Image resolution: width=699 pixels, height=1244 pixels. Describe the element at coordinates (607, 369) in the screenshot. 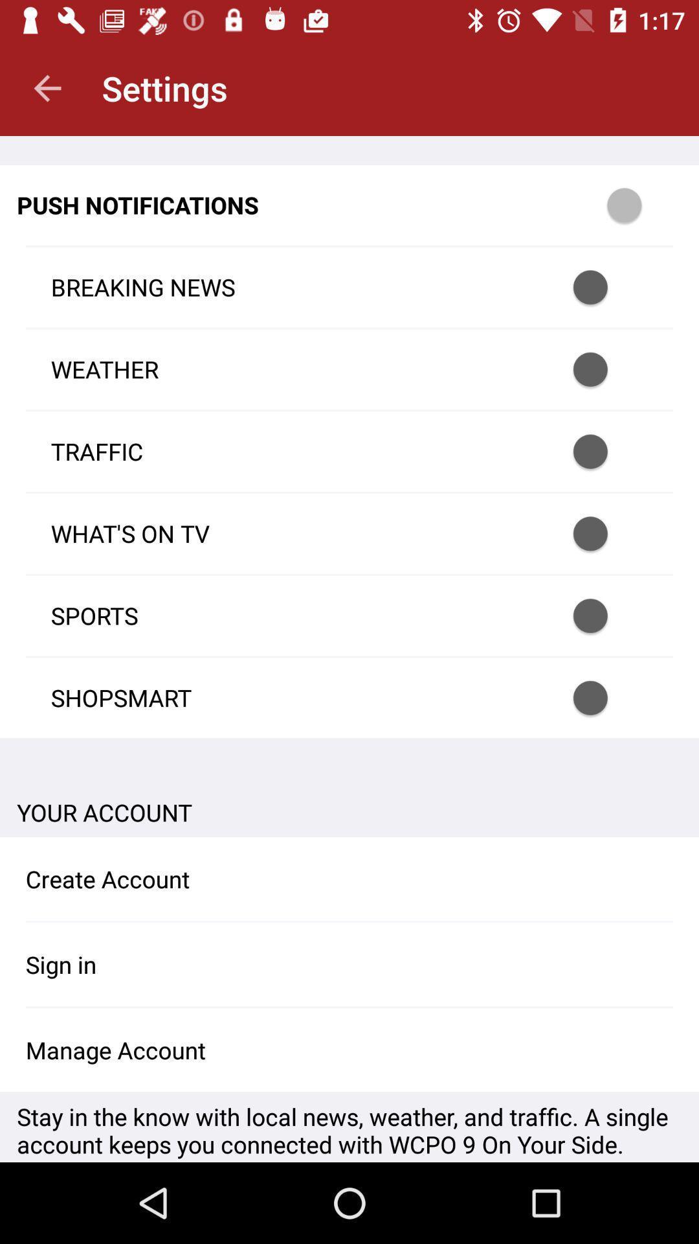

I see `push notification` at that location.